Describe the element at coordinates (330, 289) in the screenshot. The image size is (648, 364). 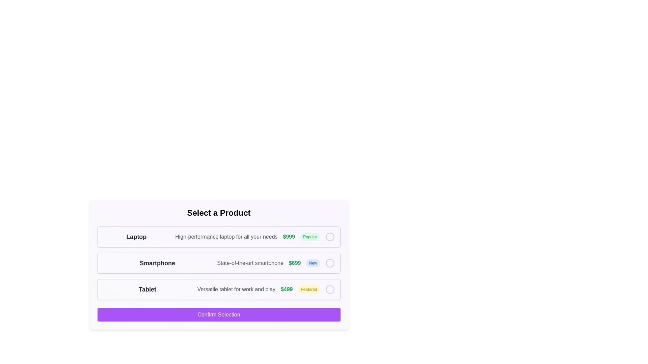
I see `the circular radio button located at the rightmost side of the 'Tablet' product row` at that location.